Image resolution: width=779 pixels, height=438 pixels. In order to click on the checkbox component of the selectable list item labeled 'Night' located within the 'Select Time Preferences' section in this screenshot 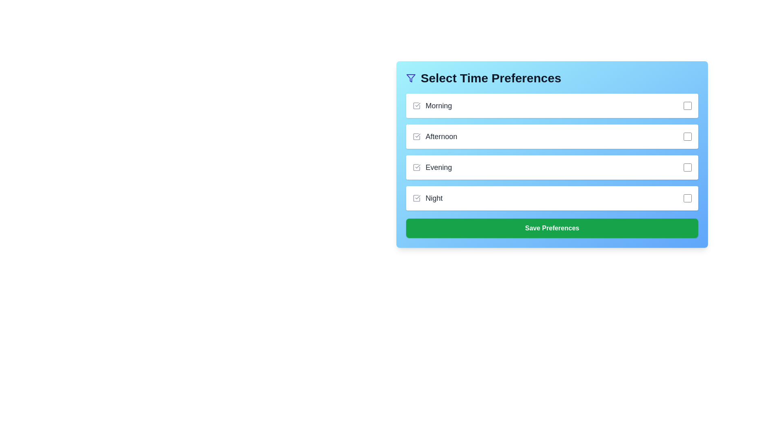, I will do `click(552, 198)`.